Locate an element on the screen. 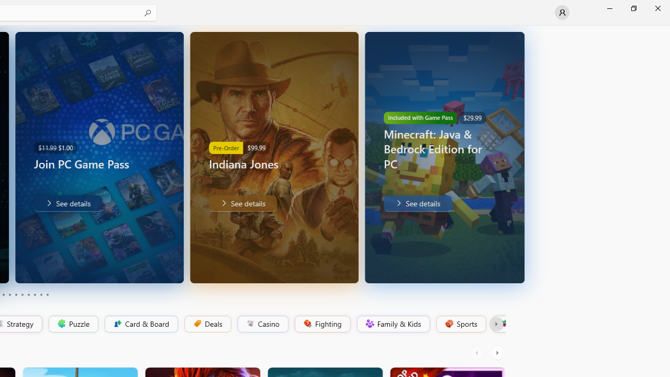 The width and height of the screenshot is (670, 377). 'Deals' is located at coordinates (207, 324).